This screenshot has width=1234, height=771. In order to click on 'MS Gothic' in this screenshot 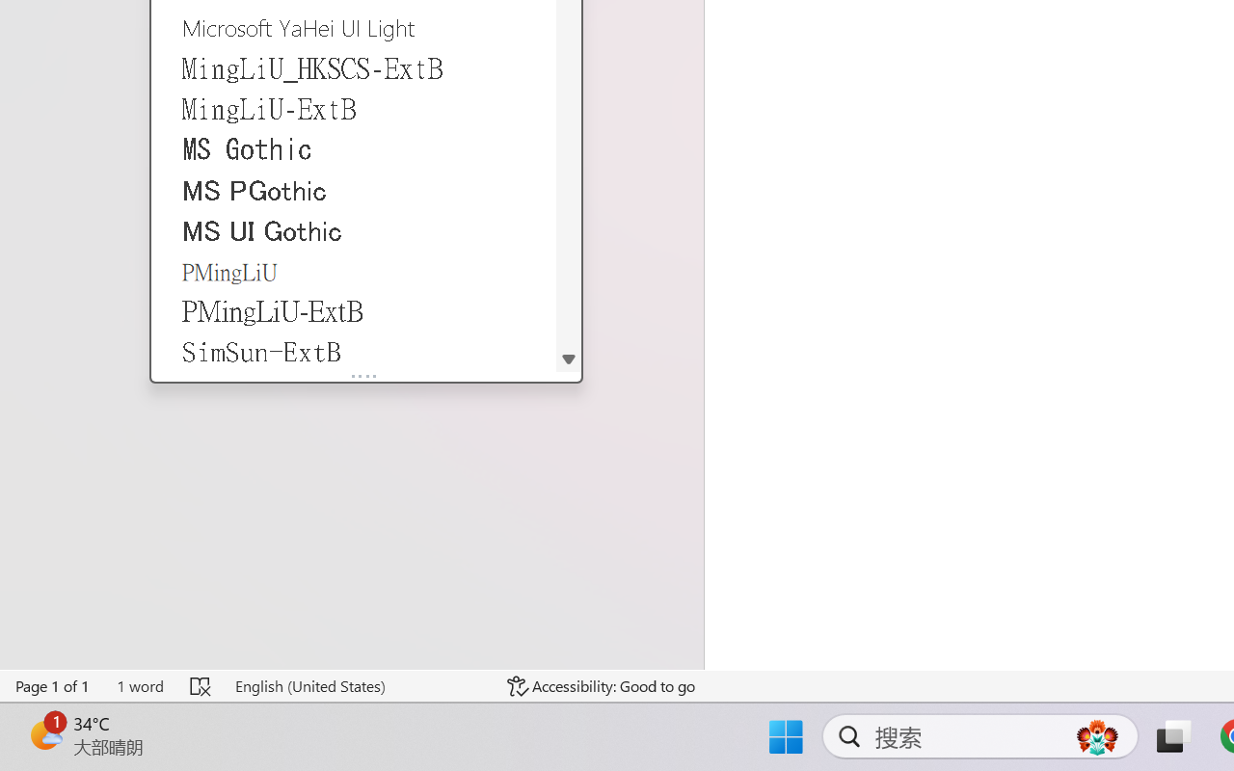, I will do `click(354, 149)`.